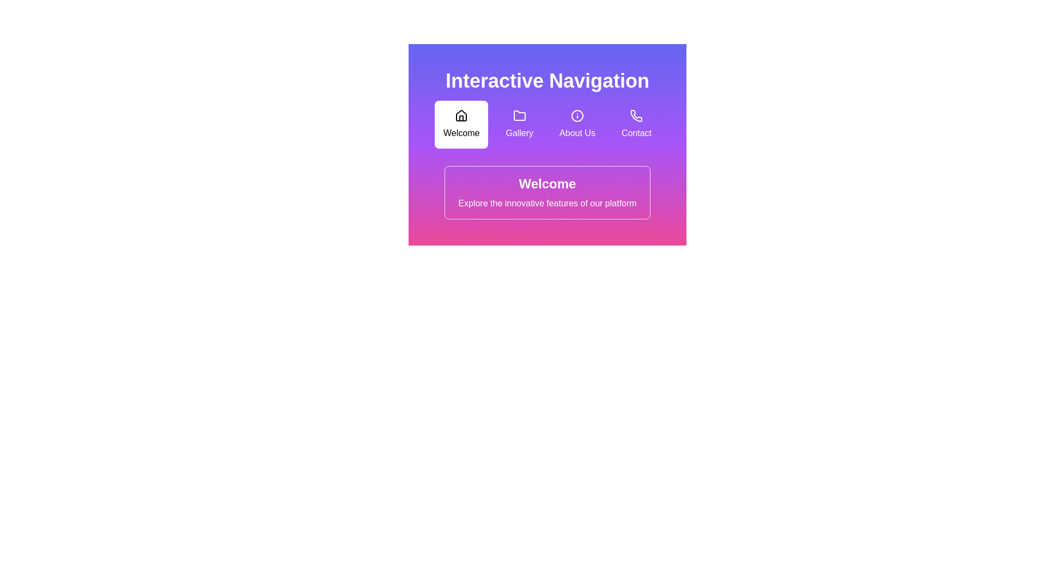 This screenshot has height=588, width=1046. Describe the element at coordinates (519, 124) in the screenshot. I see `the 'Gallery' button, which is a square area with a folder icon and the word 'Gallery' below it, located between the 'Welcome' and 'About Us' elements` at that location.